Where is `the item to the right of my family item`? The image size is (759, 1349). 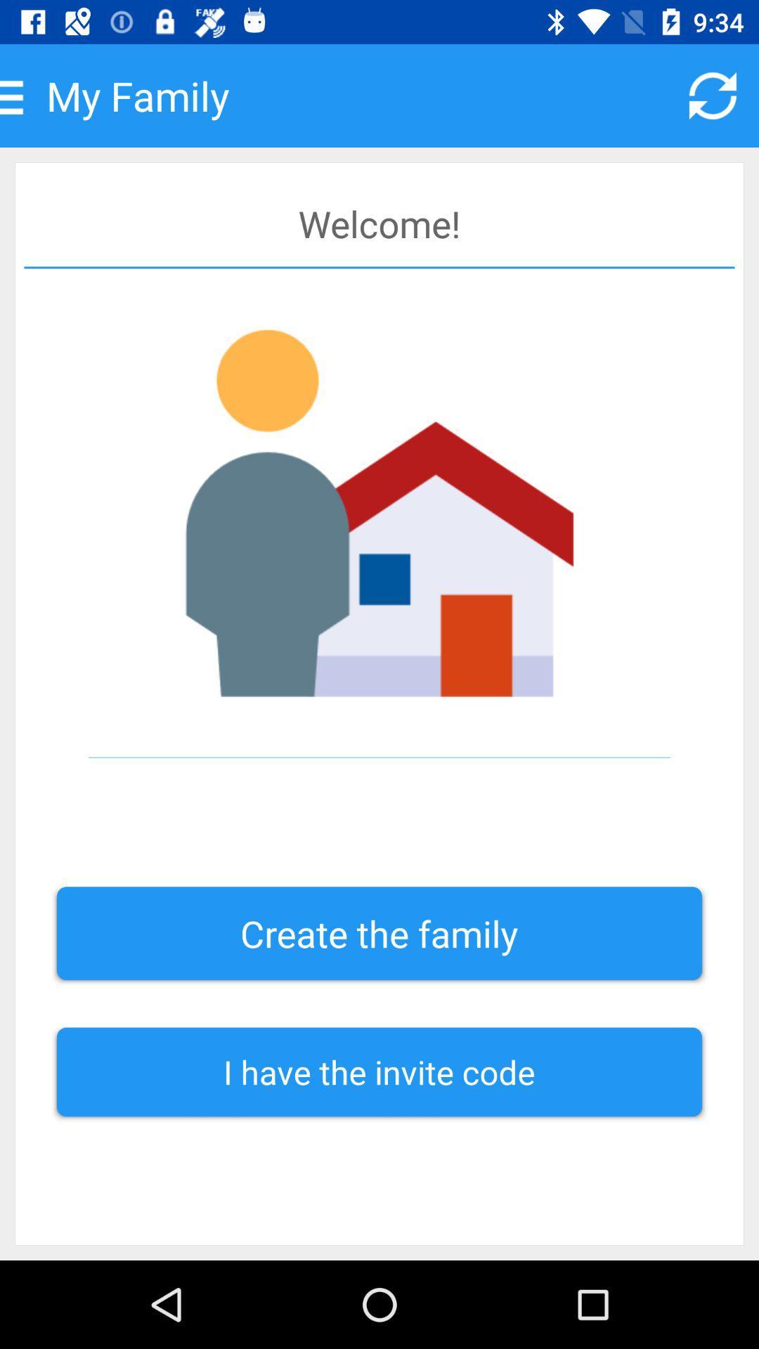 the item to the right of my family item is located at coordinates (713, 95).